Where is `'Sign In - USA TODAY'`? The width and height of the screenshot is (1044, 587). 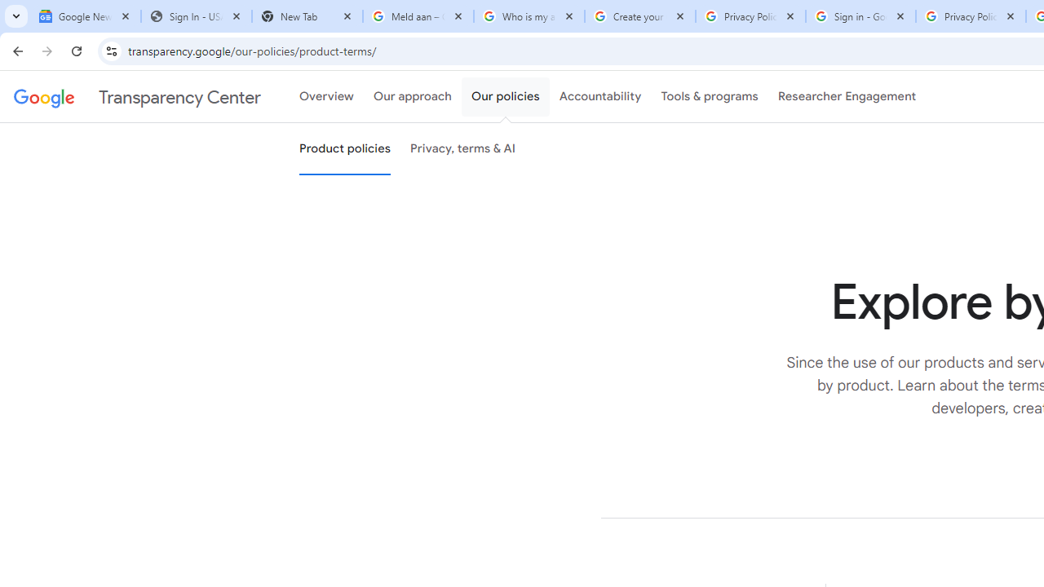 'Sign In - USA TODAY' is located at coordinates (196, 16).